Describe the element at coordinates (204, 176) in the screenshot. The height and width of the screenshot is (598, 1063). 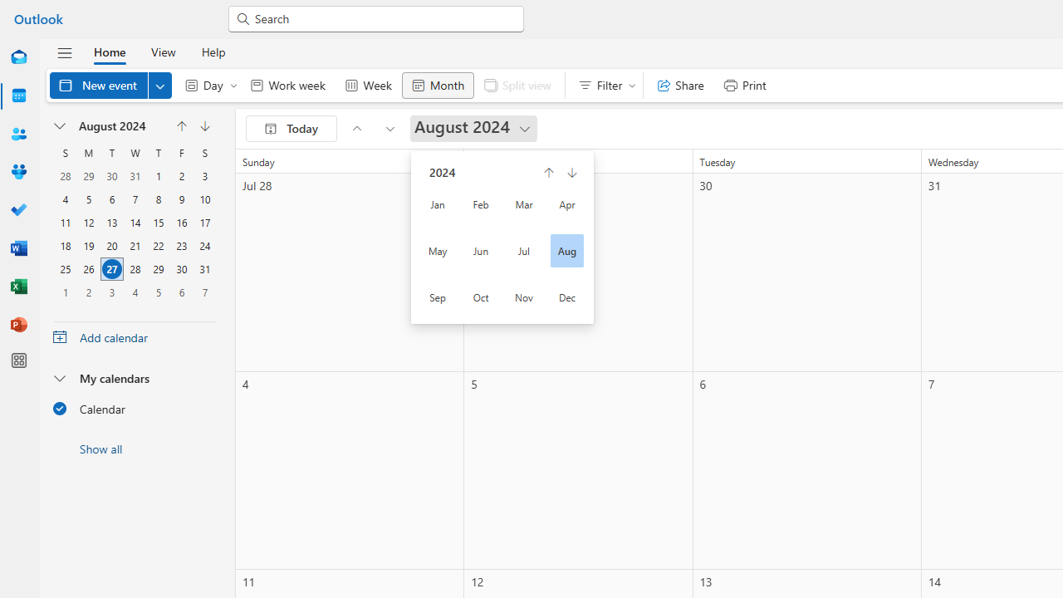
I see `'3, August, 2024'` at that location.